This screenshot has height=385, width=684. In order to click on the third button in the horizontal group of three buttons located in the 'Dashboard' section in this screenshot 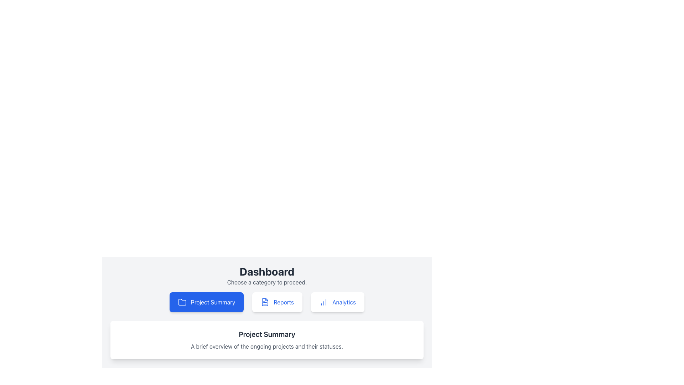, I will do `click(337, 302)`.